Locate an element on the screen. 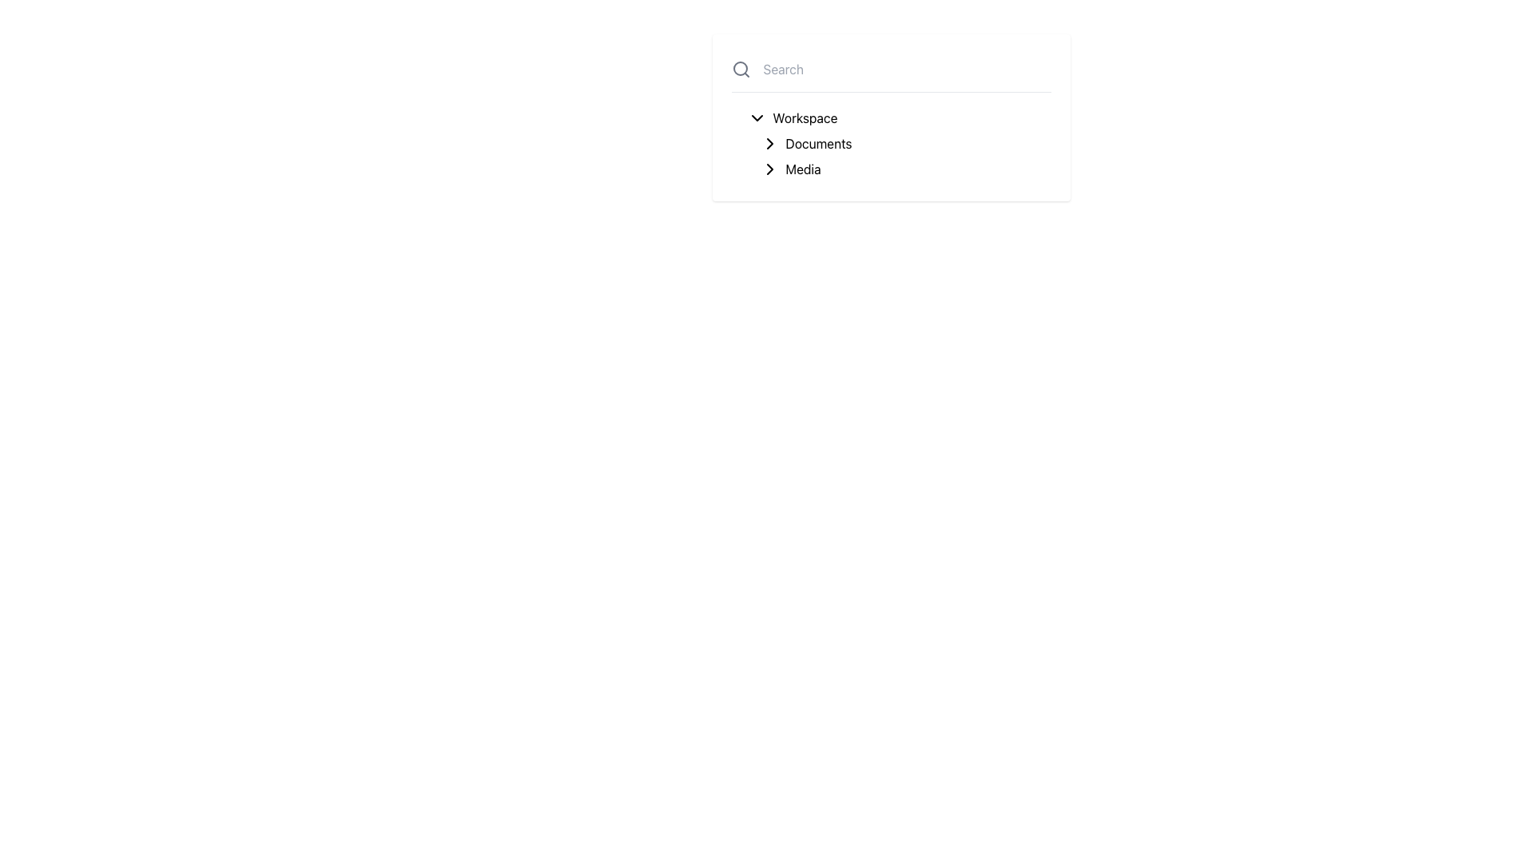 This screenshot has width=1534, height=863. the downward-pointing chevron icon located to the left of the 'Workspace' label is located at coordinates (756, 117).